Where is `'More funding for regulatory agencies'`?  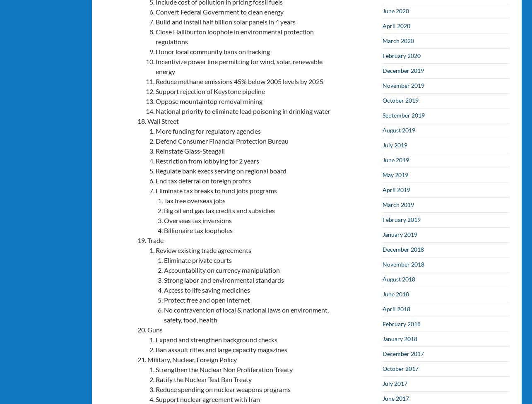
'More funding for regulatory agencies' is located at coordinates (208, 130).